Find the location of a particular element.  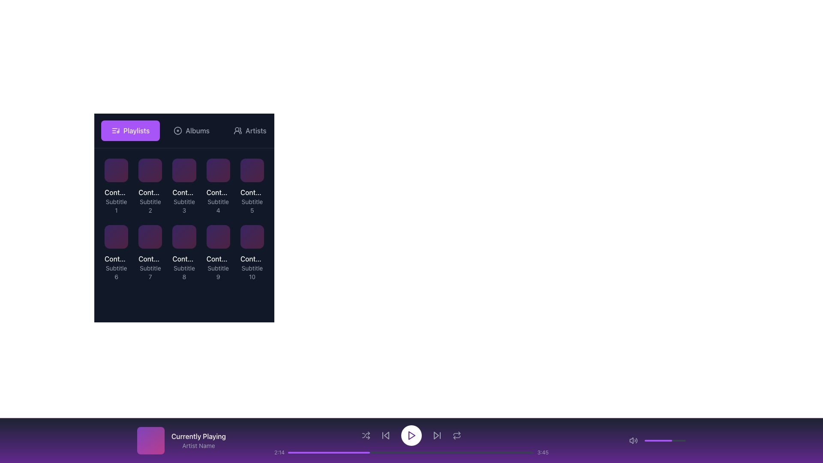

the volume slider is located at coordinates (684, 441).